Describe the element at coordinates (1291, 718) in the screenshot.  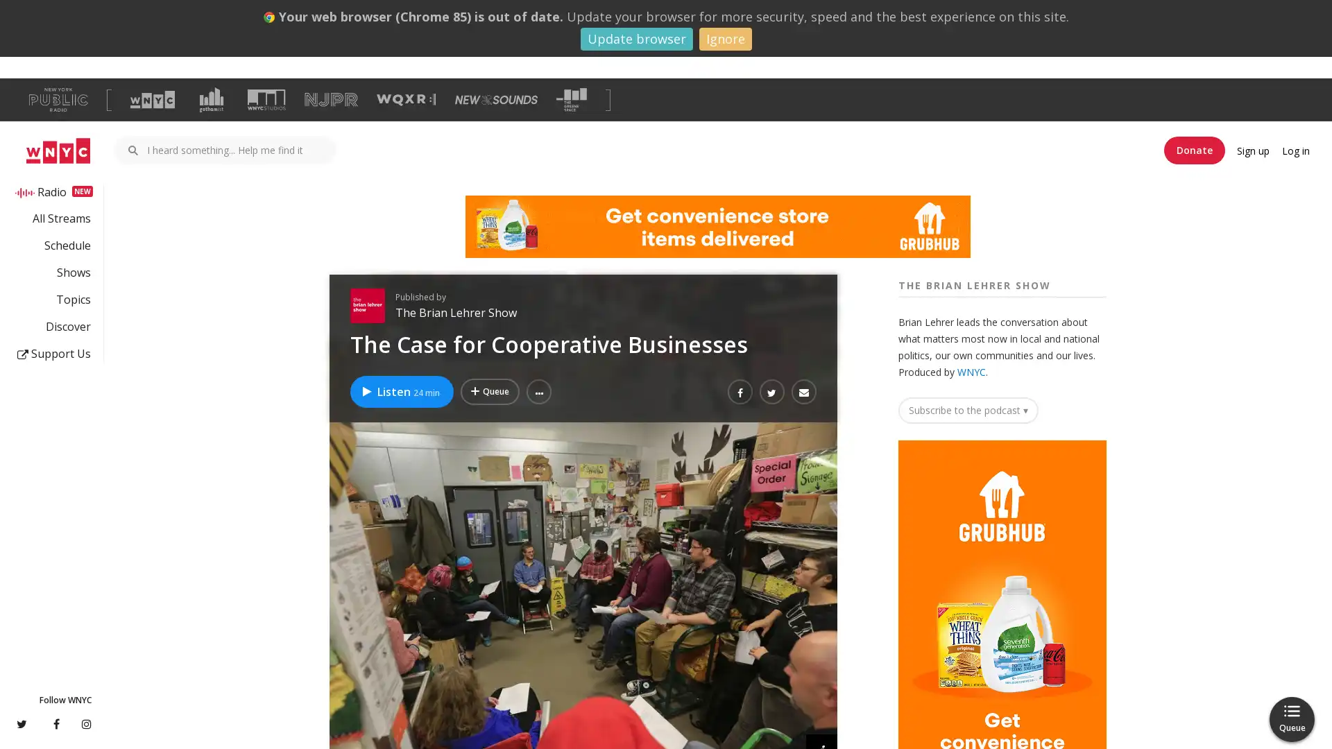
I see `Queue` at that location.